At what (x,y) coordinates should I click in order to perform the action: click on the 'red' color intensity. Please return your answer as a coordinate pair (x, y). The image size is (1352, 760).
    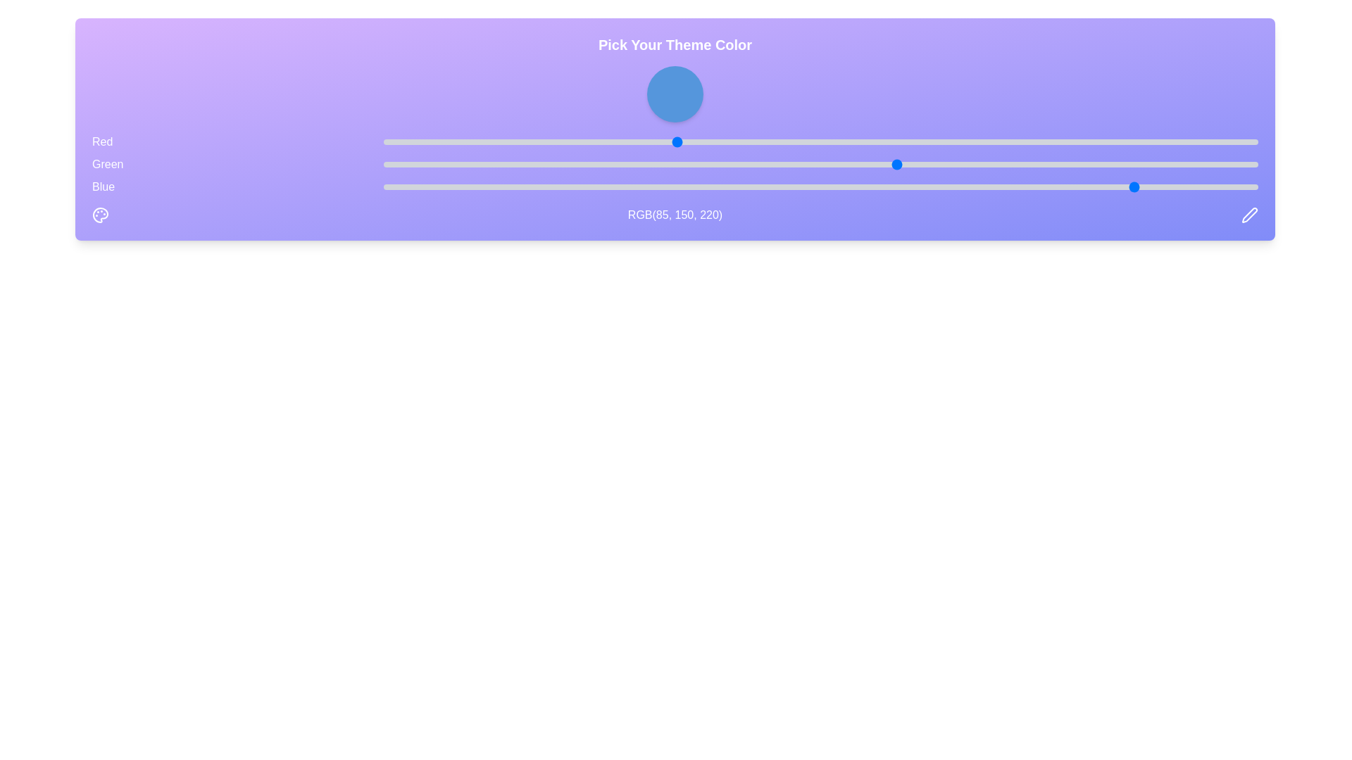
    Looking at the image, I should click on (575, 141).